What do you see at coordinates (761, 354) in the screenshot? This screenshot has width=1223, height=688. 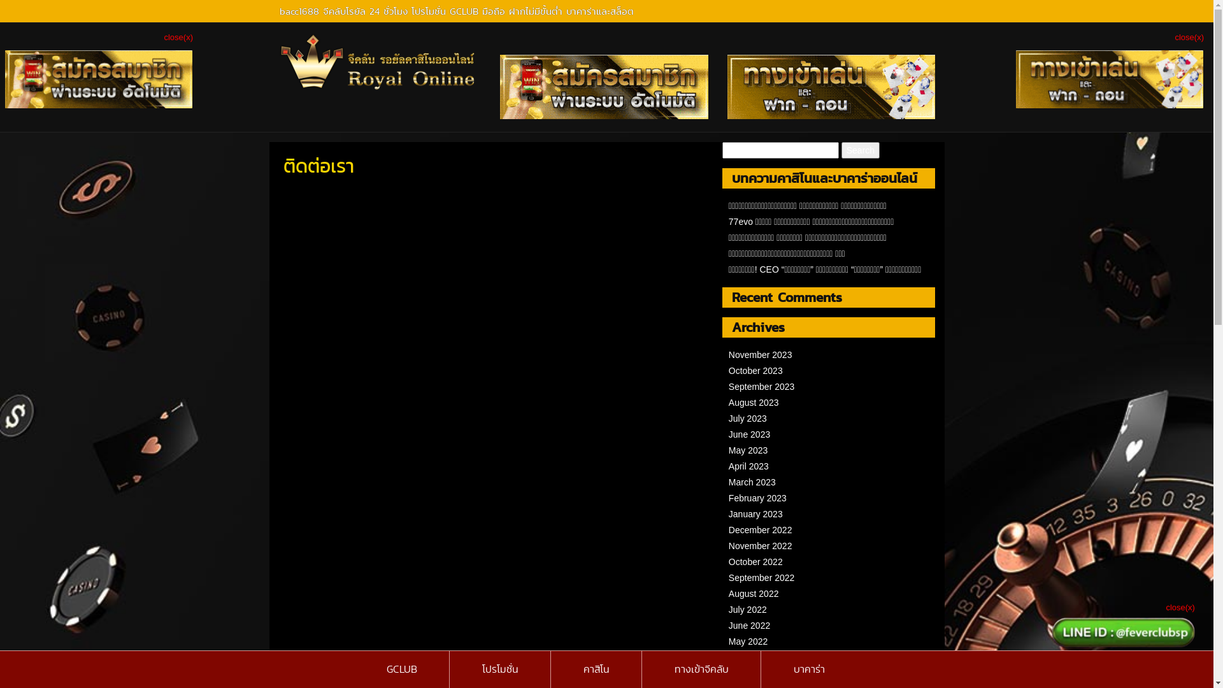 I see `'November 2023'` at bounding box center [761, 354].